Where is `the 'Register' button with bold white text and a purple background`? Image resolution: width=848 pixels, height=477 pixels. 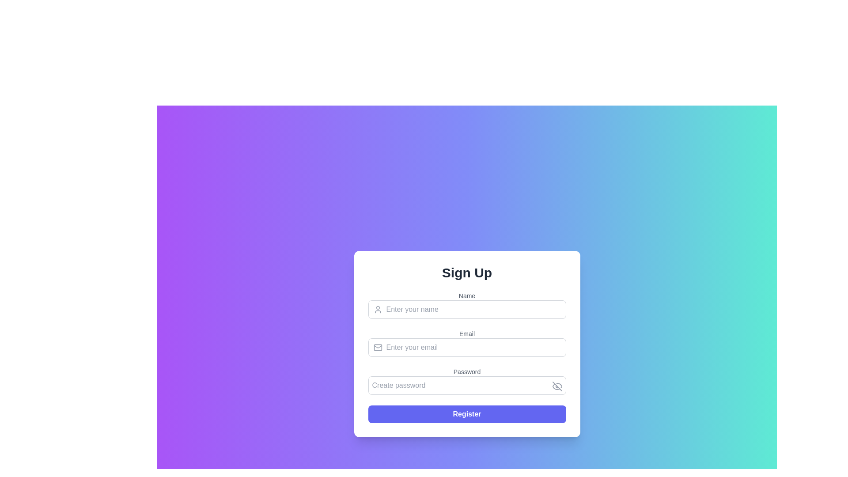
the 'Register' button with bold white text and a purple background is located at coordinates (466, 414).